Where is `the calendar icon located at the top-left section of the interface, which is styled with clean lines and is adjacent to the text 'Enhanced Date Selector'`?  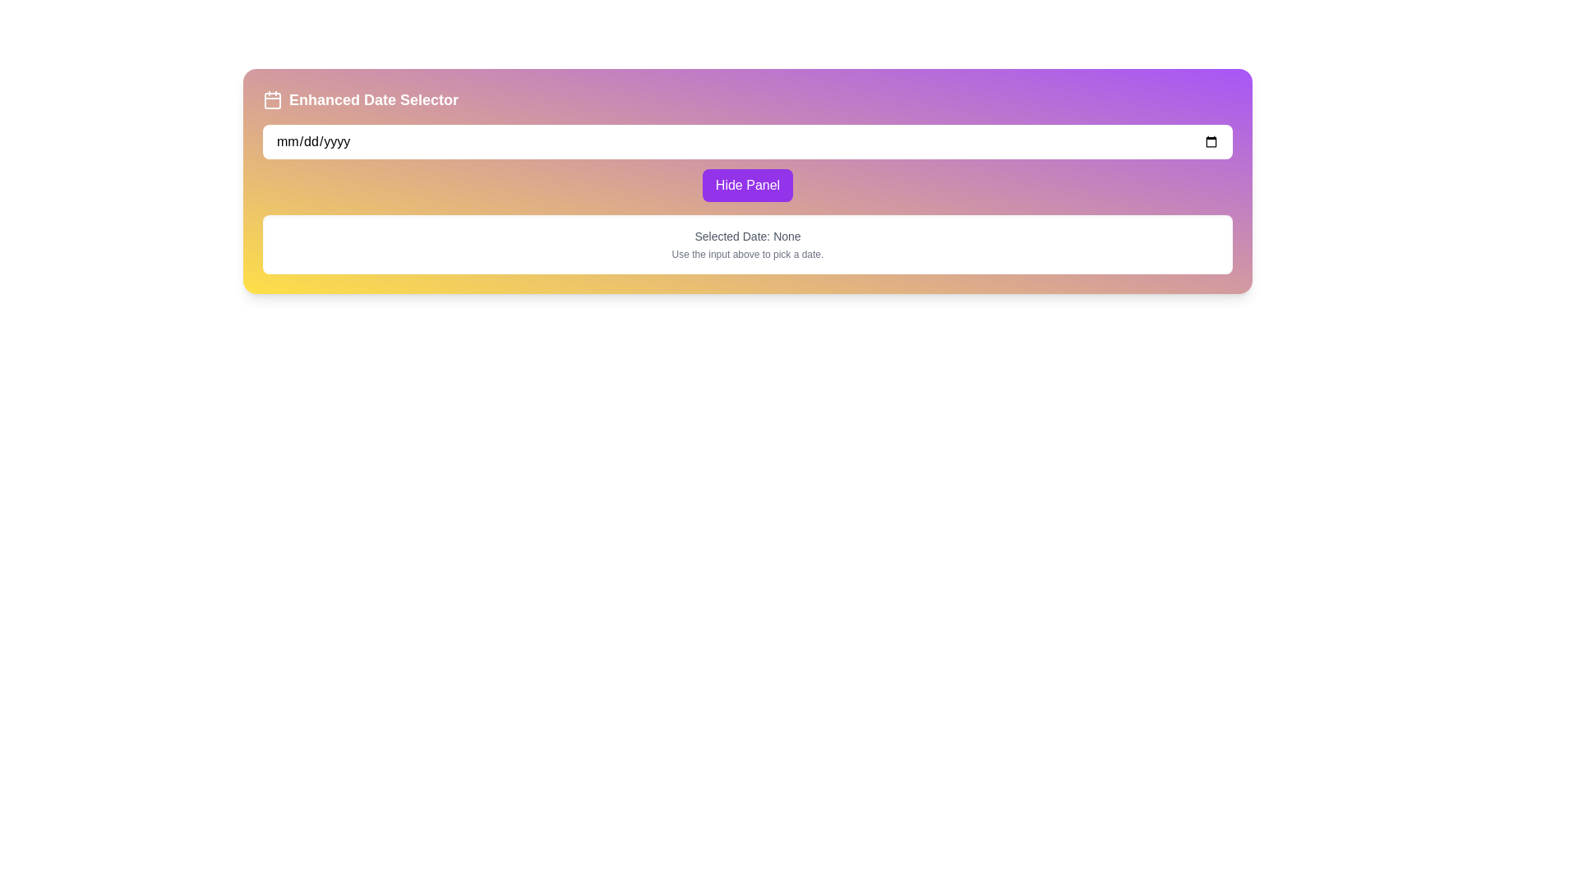
the calendar icon located at the top-left section of the interface, which is styled with clean lines and is adjacent to the text 'Enhanced Date Selector' is located at coordinates (272, 100).